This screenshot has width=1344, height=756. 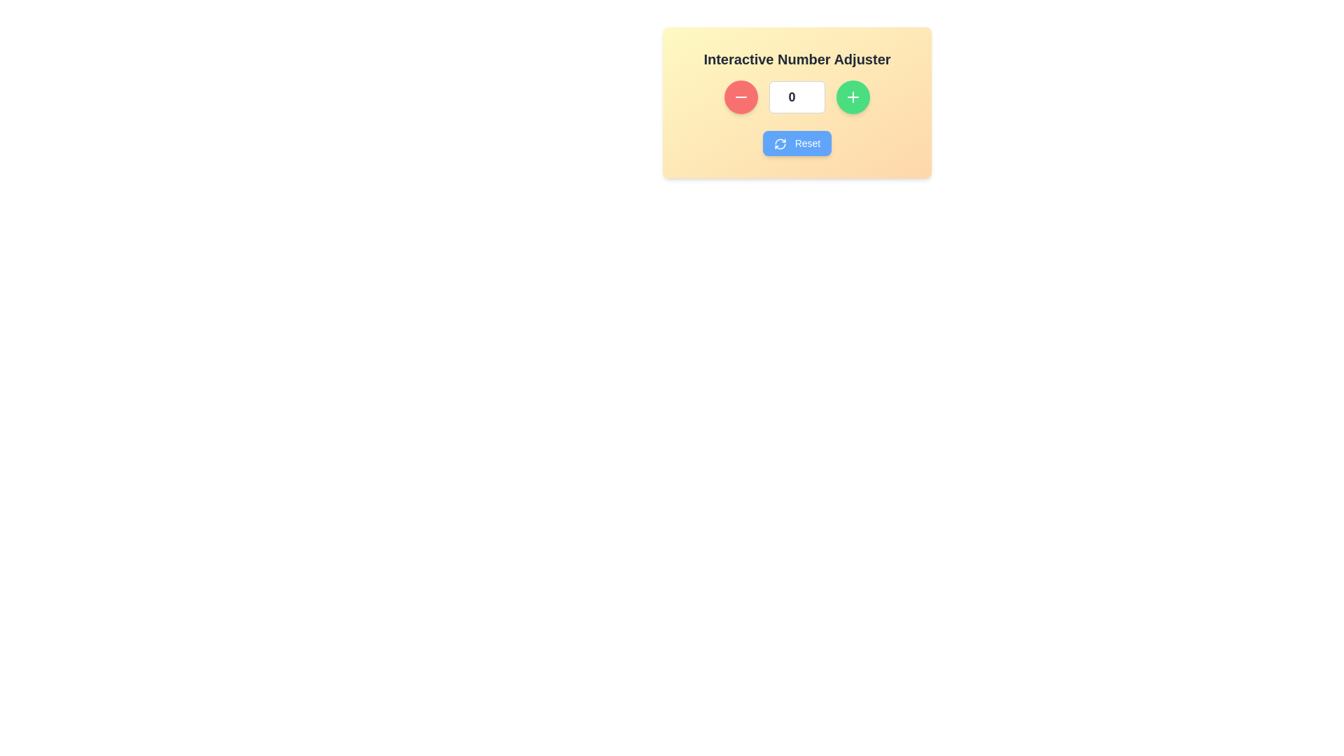 I want to click on the reset icon located within the blue rectangular button labeled 'Reset', which is aligned to the left of the button's text, so click(x=779, y=144).